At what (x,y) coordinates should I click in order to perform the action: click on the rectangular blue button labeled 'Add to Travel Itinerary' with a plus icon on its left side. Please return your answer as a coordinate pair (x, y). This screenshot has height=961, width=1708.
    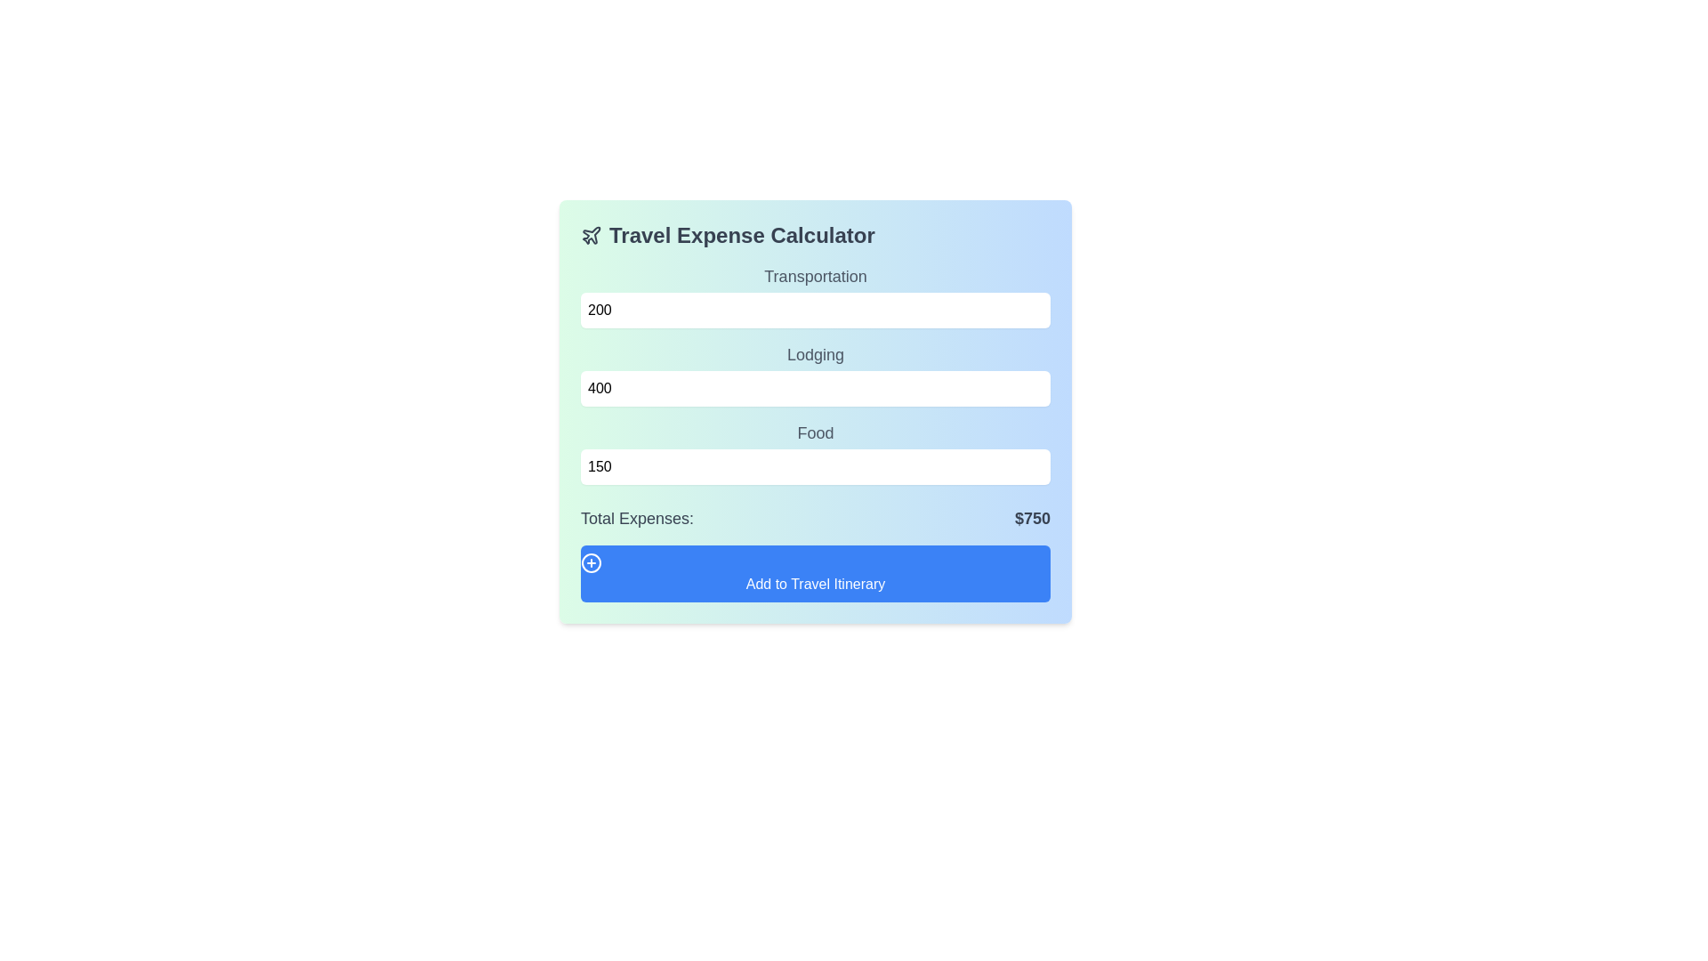
    Looking at the image, I should click on (814, 573).